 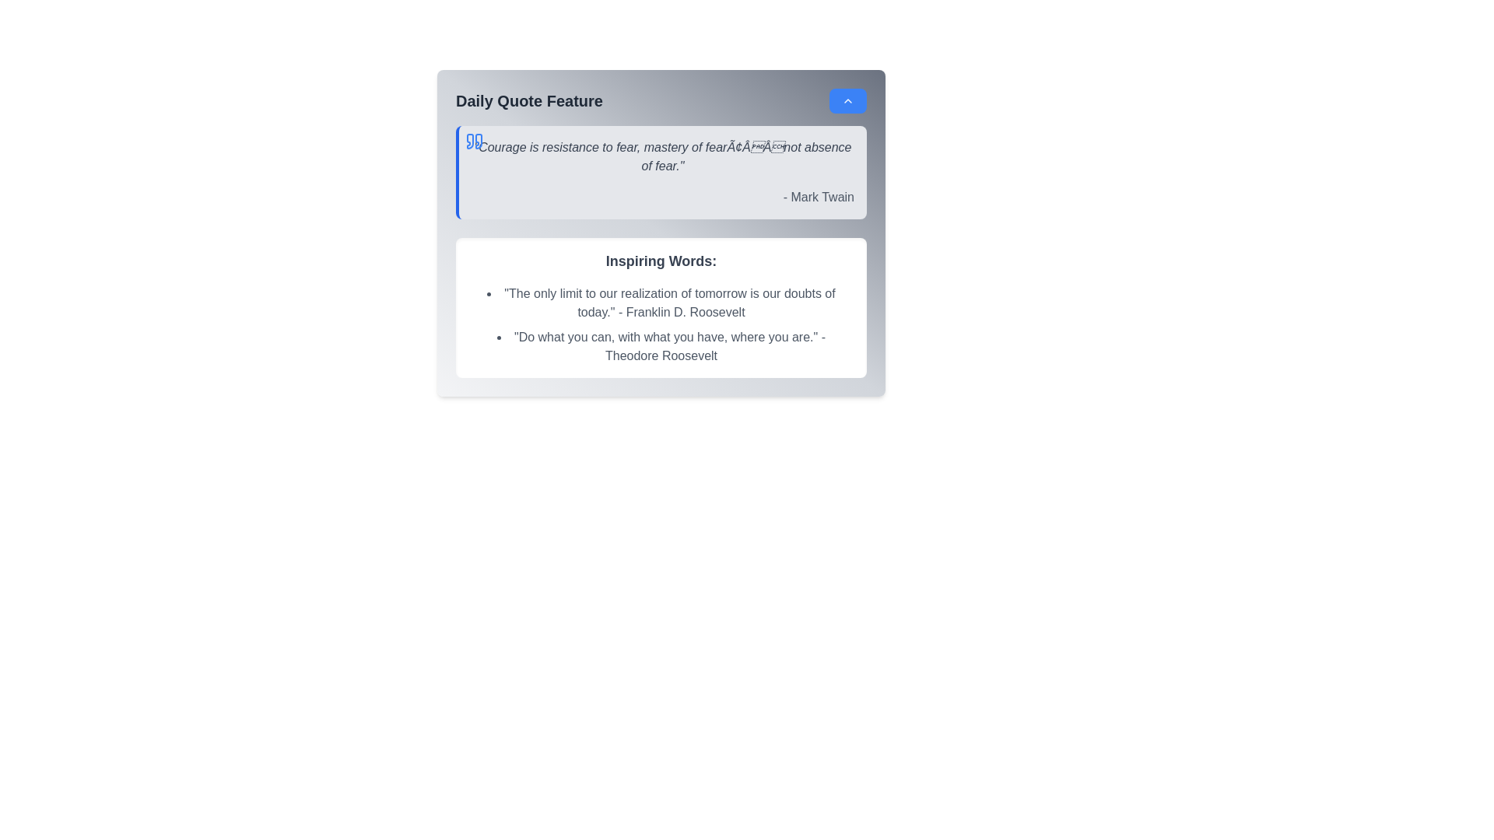 I want to click on text from the informational block displaying the daily inspirational quote located in the central part of the 'Daily Quote Feature' card, above the 'Inspiring Words' section, so click(x=661, y=173).